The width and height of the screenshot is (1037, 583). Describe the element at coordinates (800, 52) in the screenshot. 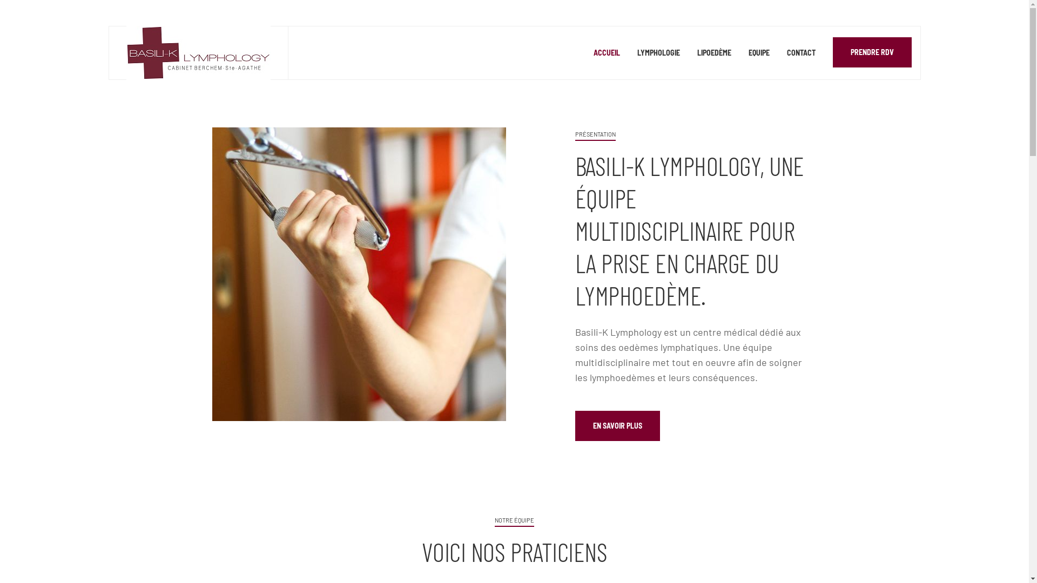

I see `'CONTACT'` at that location.